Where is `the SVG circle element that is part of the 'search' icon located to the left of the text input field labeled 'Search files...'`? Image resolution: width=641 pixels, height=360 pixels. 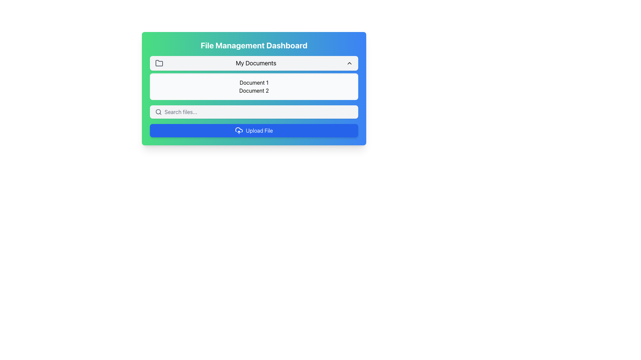
the SVG circle element that is part of the 'search' icon located to the left of the text input field labeled 'Search files...' is located at coordinates (158, 111).